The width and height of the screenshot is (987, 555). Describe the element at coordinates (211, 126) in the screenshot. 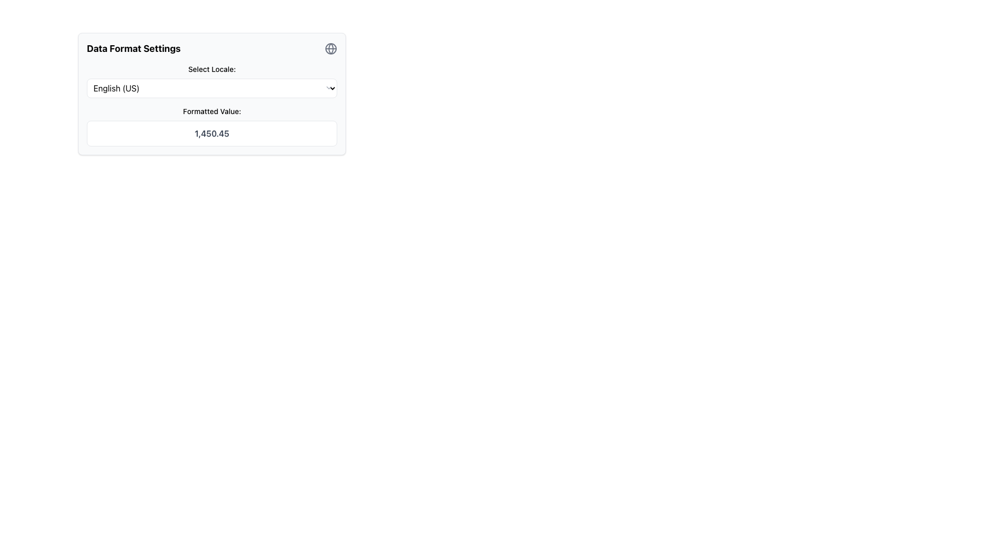

I see `displayed value from the Value Display Block which shows '1,450.45' under the label 'Formatted Value:' in the 'Data Format Settings' section` at that location.